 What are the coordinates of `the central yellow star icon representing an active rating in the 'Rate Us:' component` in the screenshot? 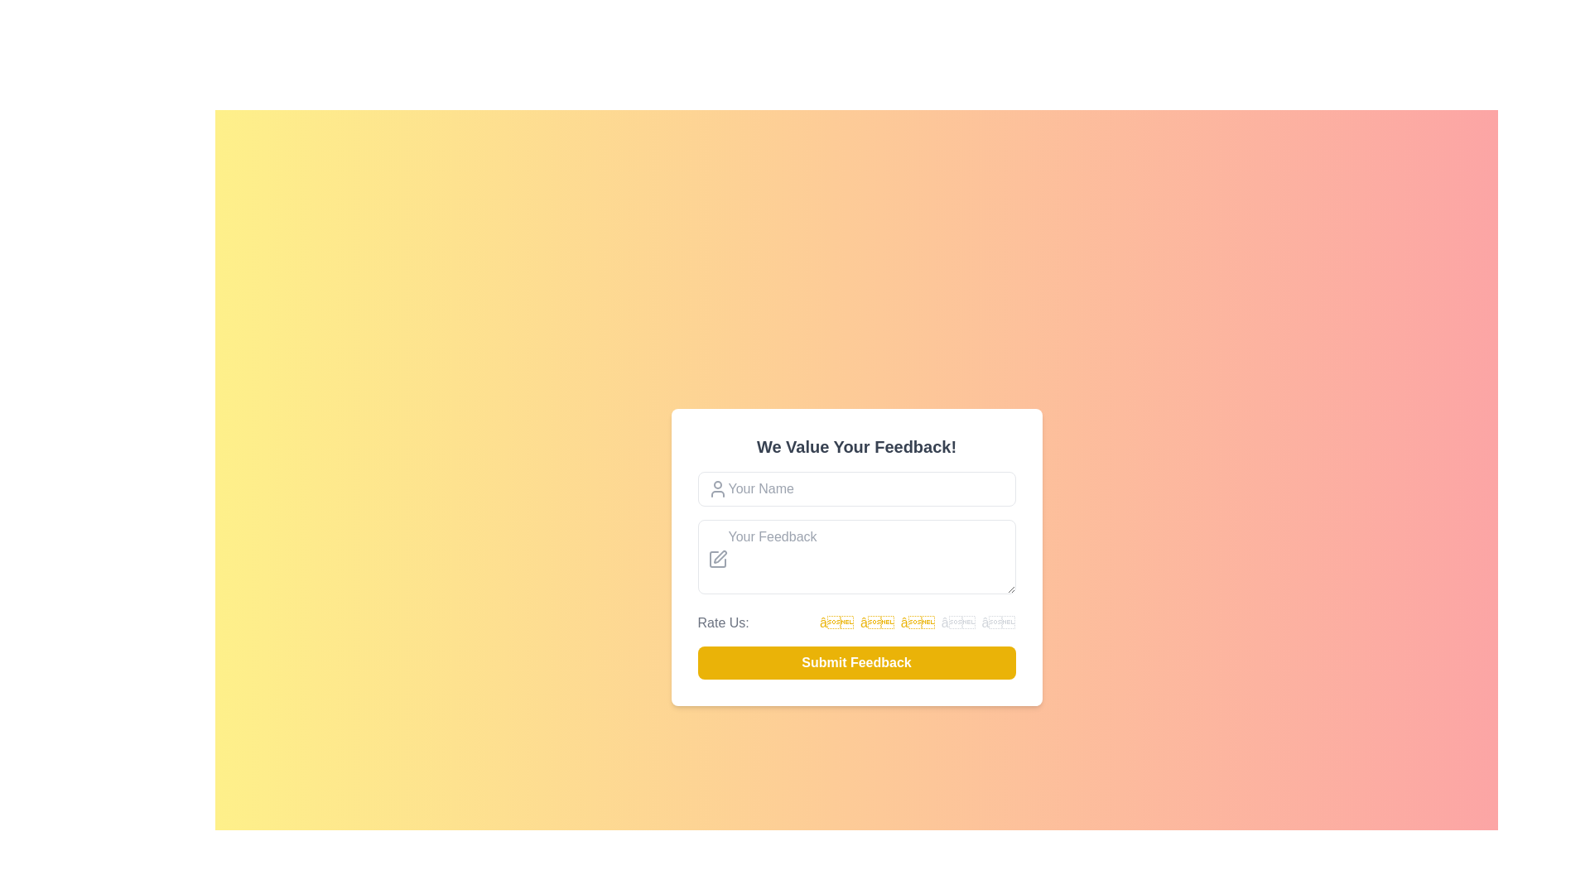 It's located at (917, 622).